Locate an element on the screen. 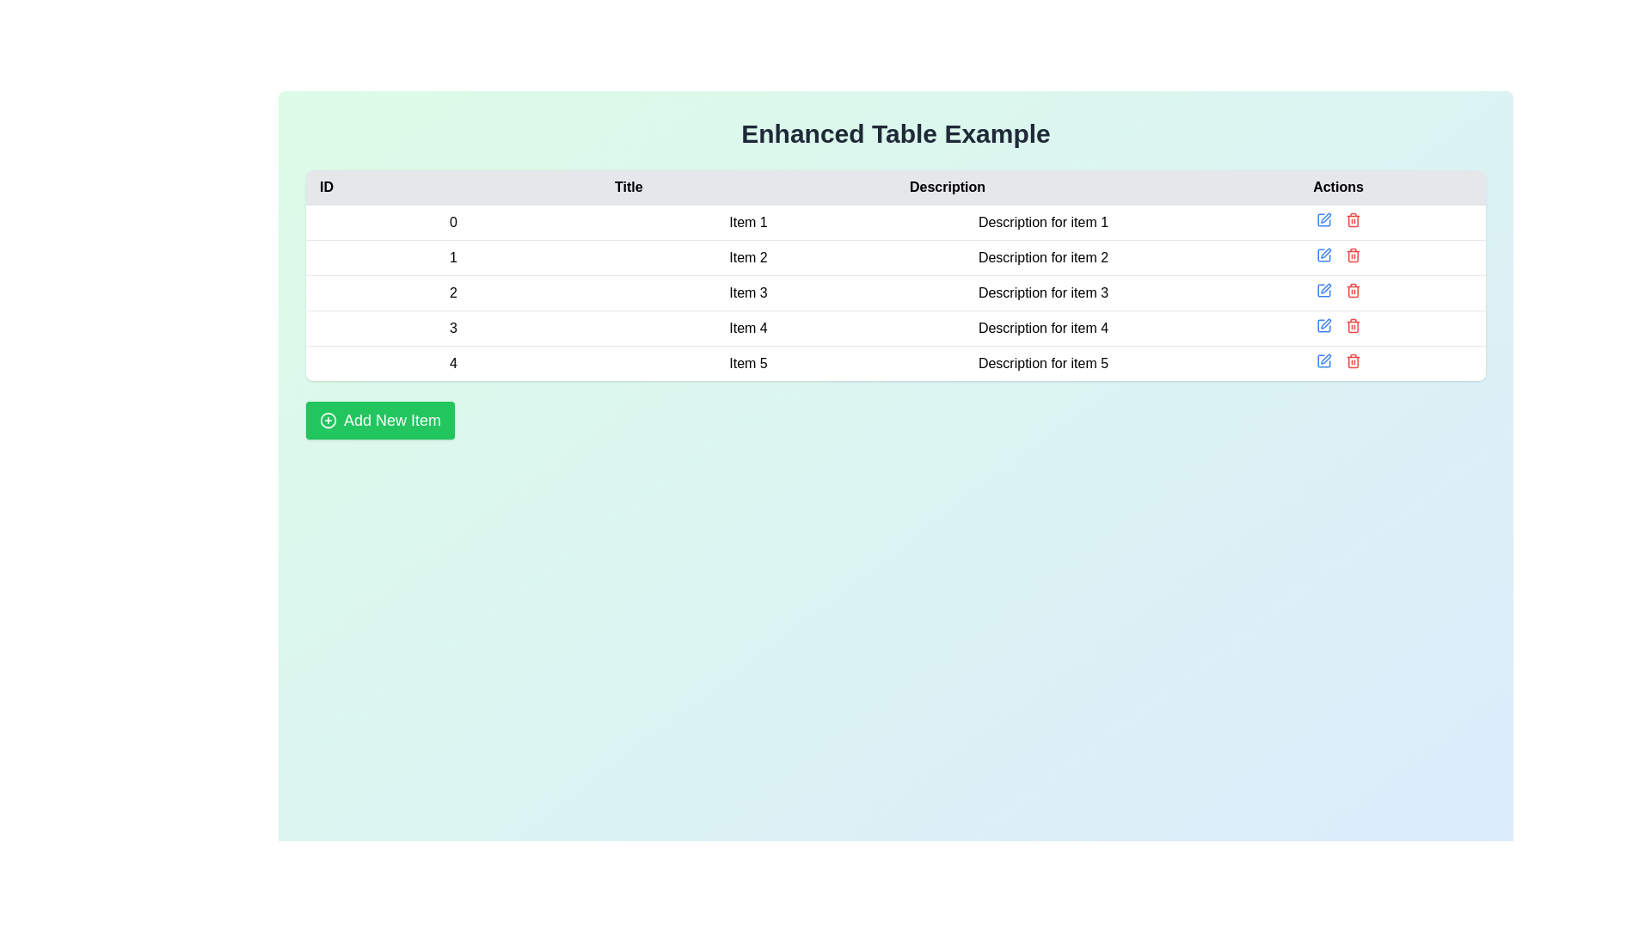 This screenshot has height=929, width=1651. the red-colored trash bin icon button located at the bottom right of the 'Actions' column in the last row of the table is located at coordinates (1352, 360).